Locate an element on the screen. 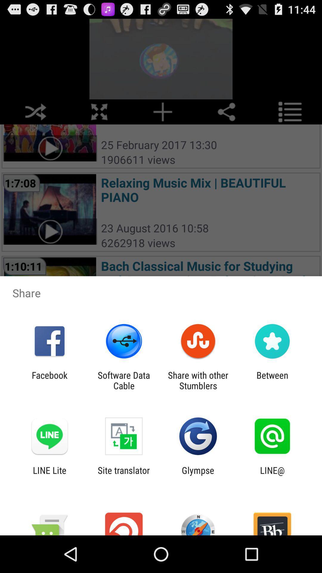 This screenshot has height=573, width=322. the icon to the right of software data cable is located at coordinates (198, 380).